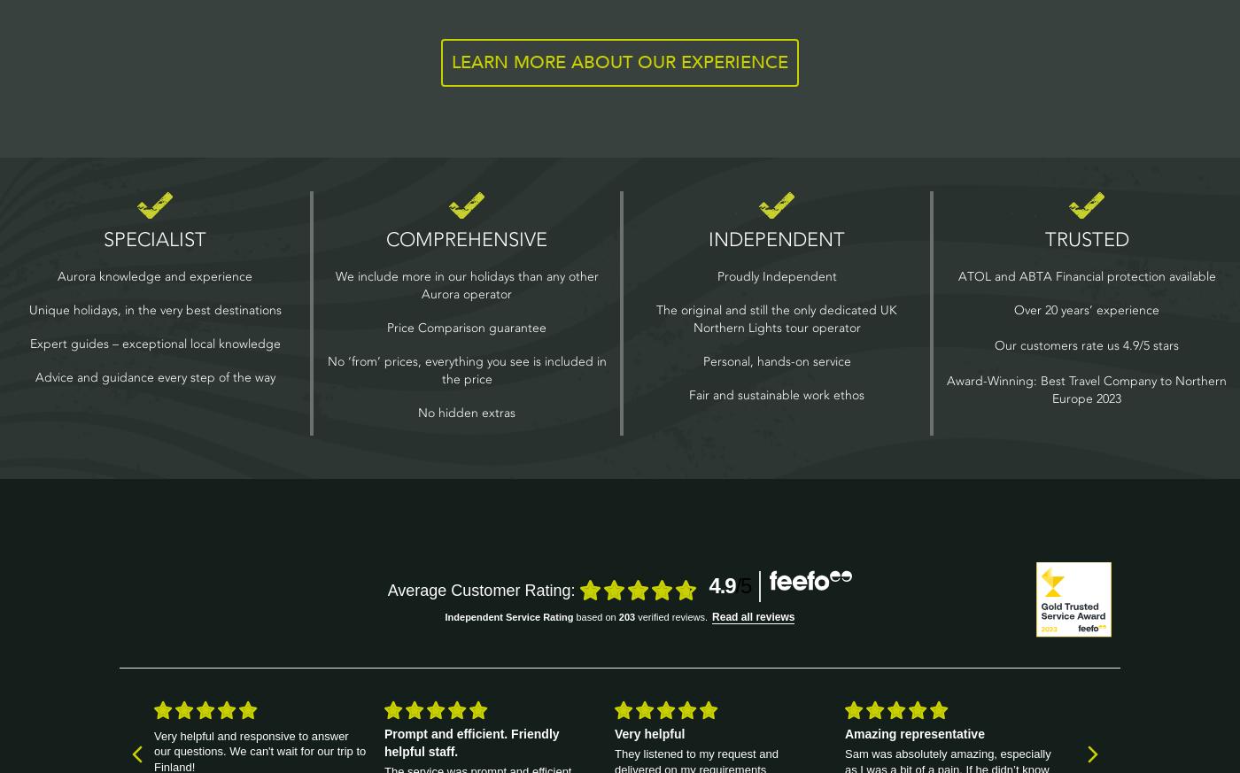 Image resolution: width=1240 pixels, height=773 pixels. Describe the element at coordinates (1147, 733) in the screenshot. I see `'Helpful booking process'` at that location.